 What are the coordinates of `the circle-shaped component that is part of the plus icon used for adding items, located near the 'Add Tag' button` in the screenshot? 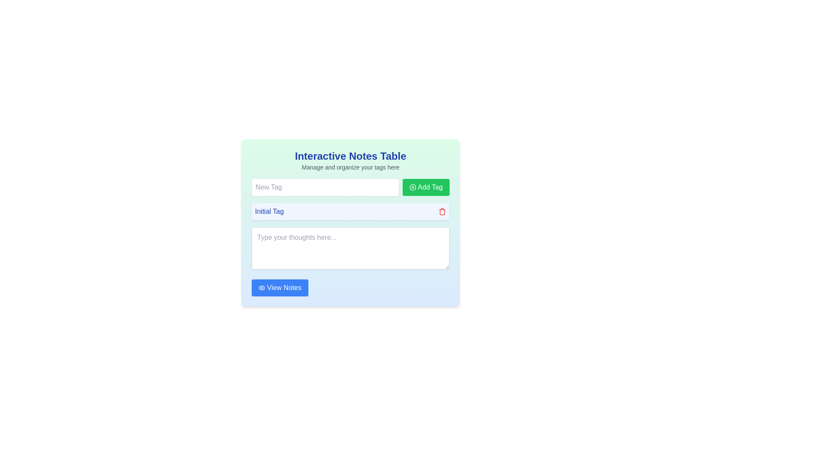 It's located at (412, 187).